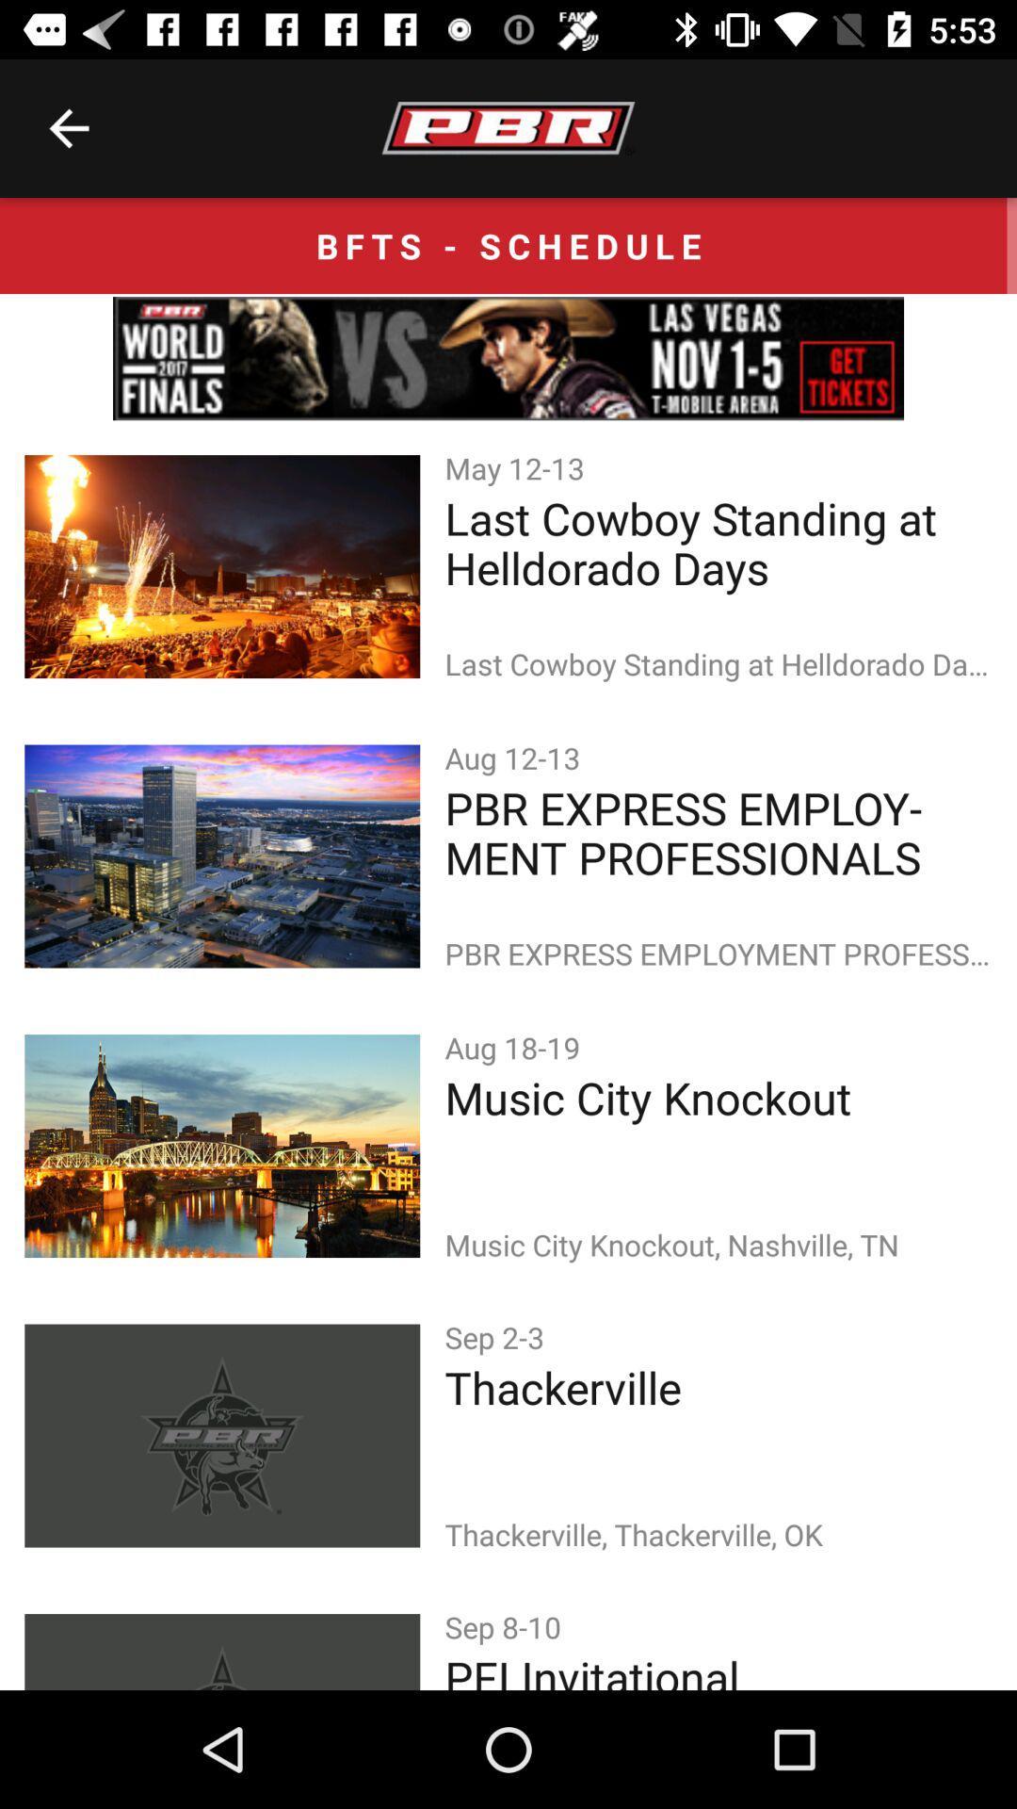 The image size is (1017, 1809). I want to click on aug 18-19 item, so click(516, 1046).